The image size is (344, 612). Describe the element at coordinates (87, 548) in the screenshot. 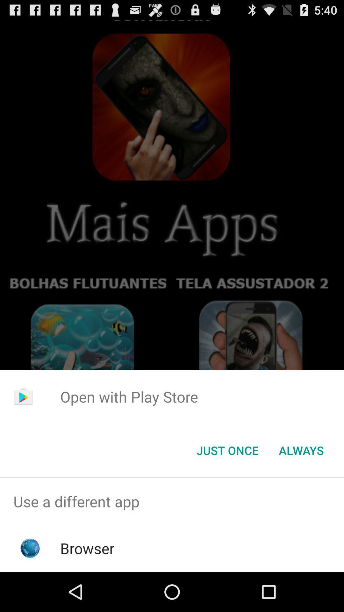

I see `item below use a different icon` at that location.